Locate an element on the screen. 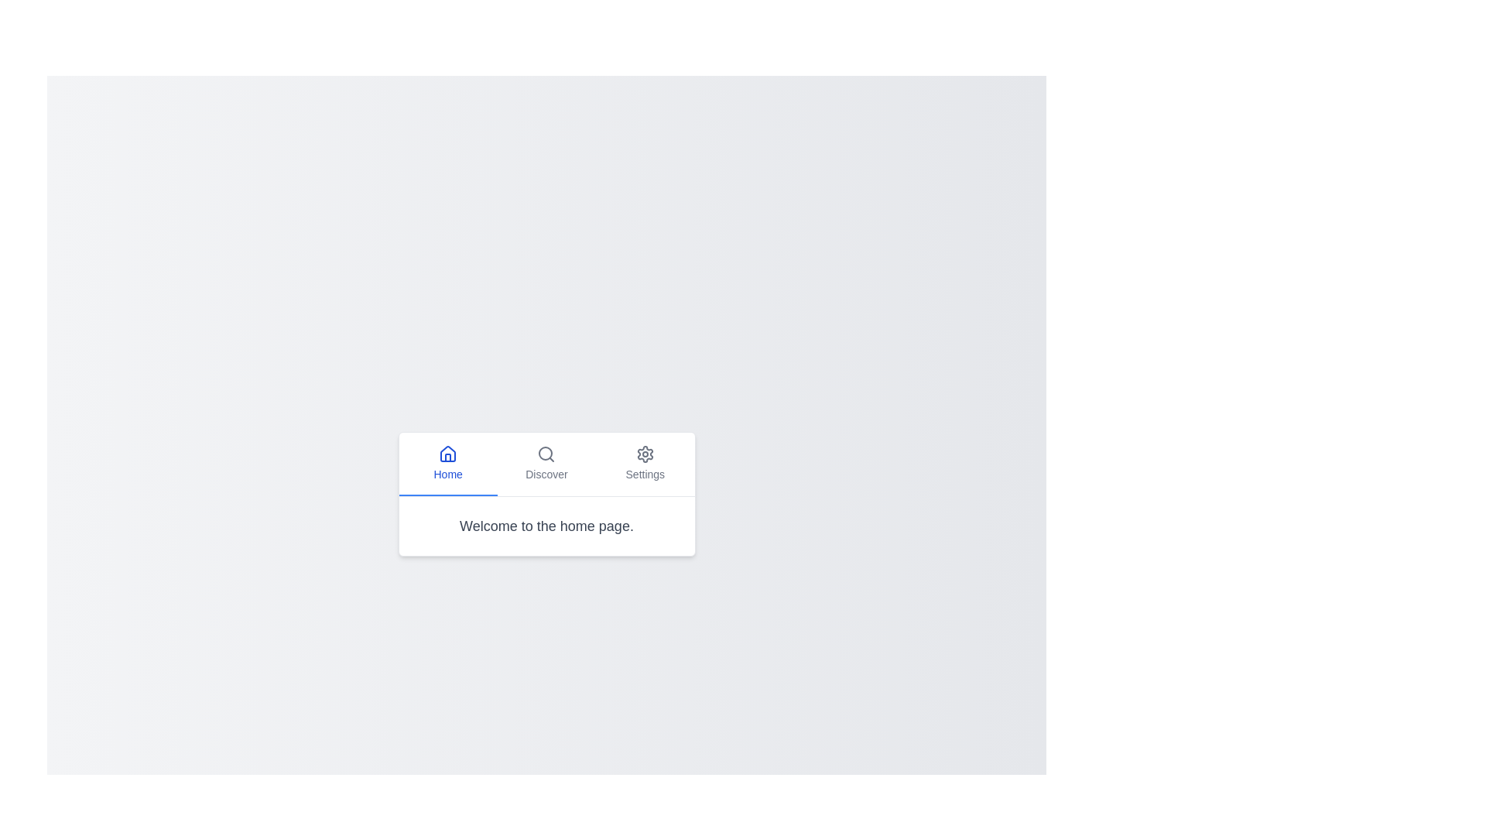  the Settings tab is located at coordinates (645, 462).